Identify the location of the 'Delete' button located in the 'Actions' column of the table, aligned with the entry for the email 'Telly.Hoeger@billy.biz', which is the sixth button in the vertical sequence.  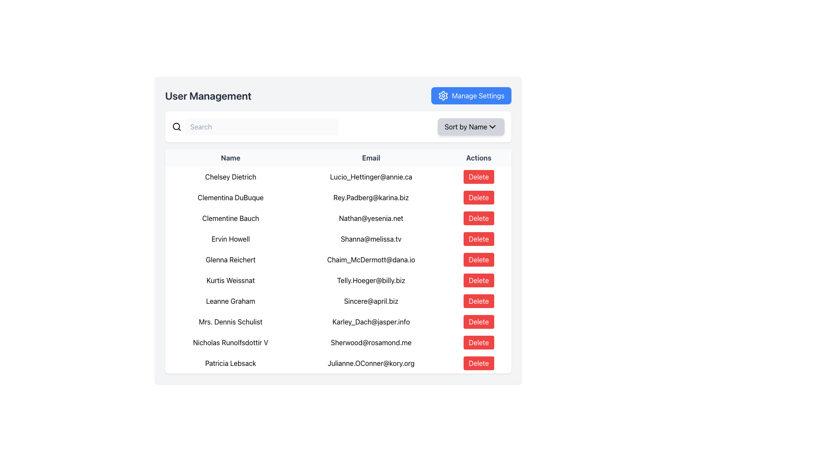
(478, 280).